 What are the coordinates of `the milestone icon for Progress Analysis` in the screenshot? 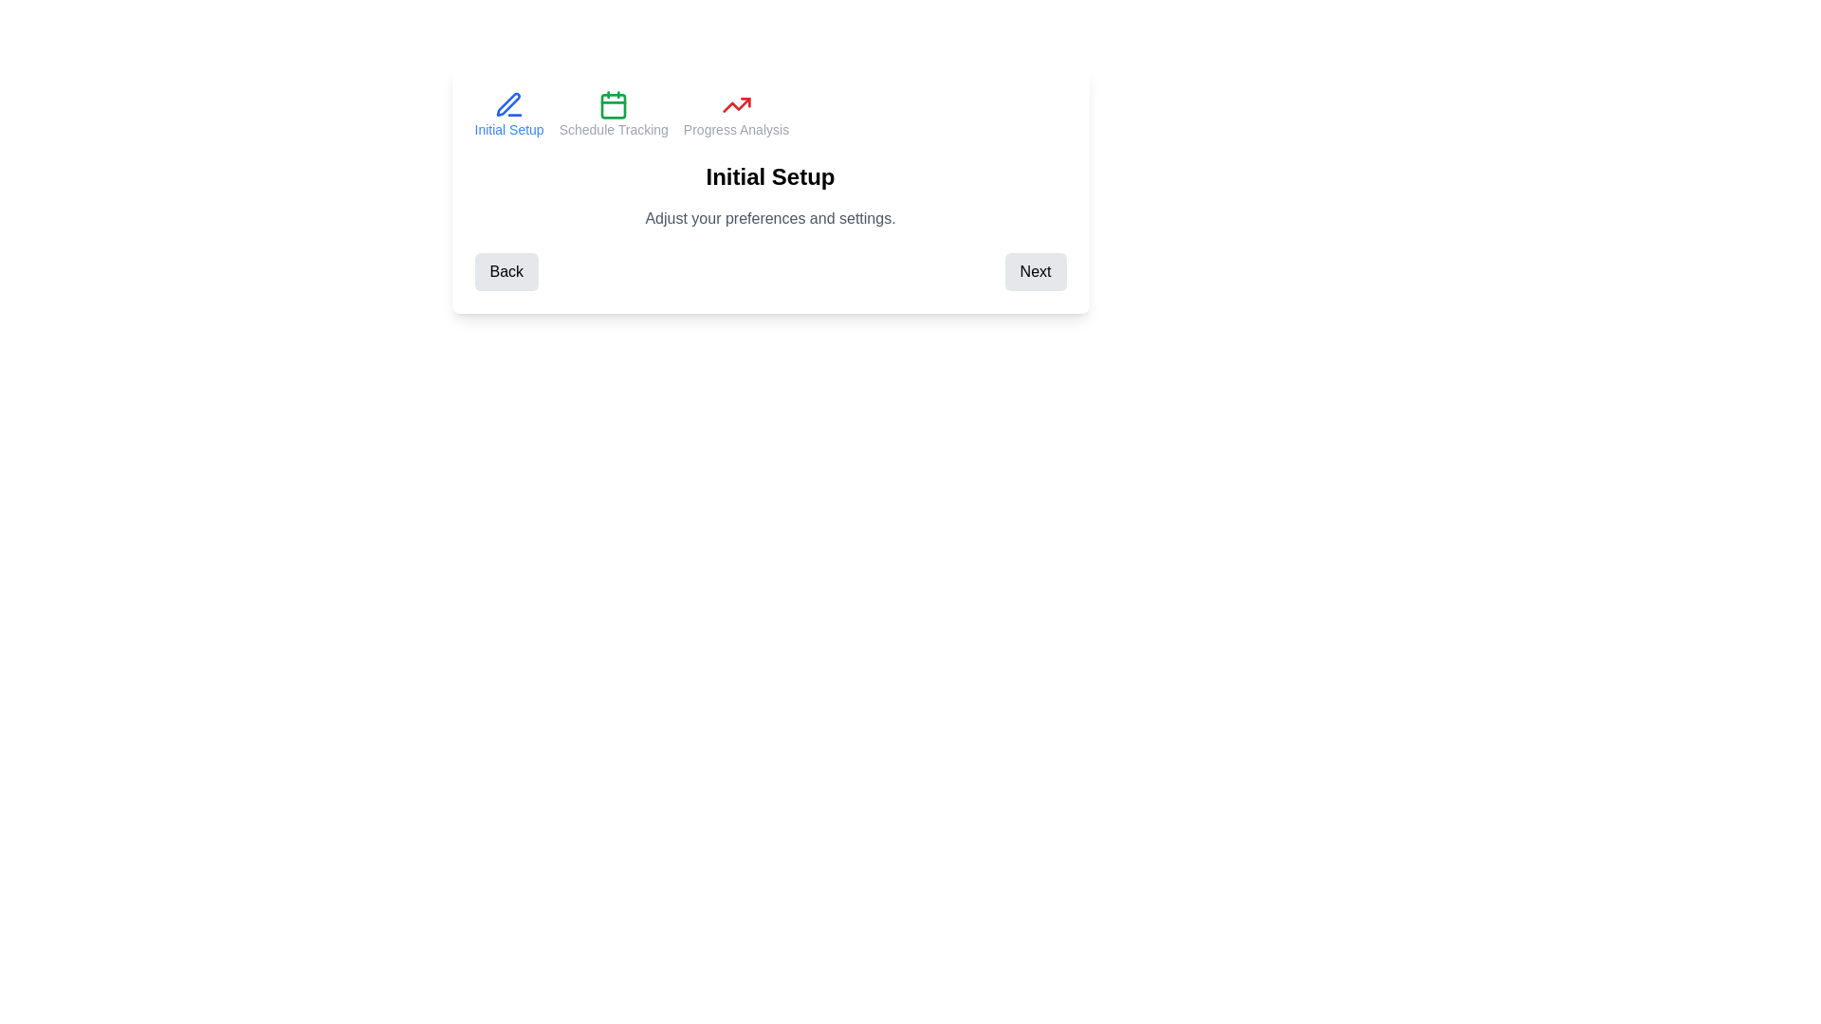 It's located at (735, 114).